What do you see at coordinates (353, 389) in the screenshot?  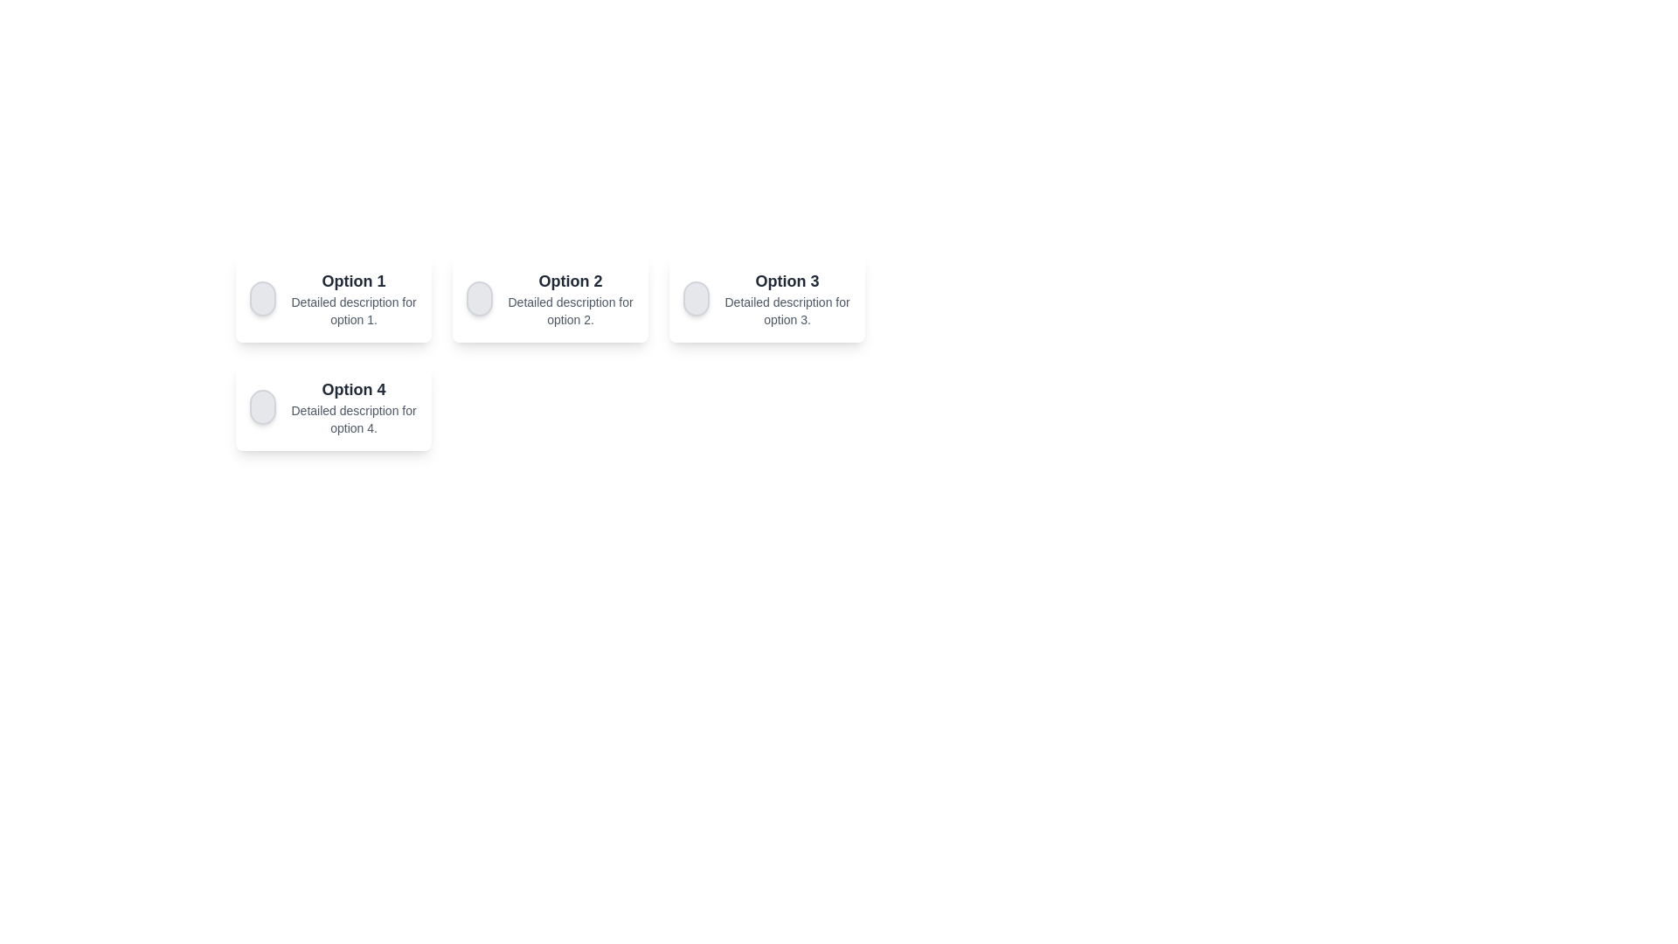 I see `the Header label displaying 'Option 4', which is a bold, prominently styled text in dark gray color` at bounding box center [353, 389].